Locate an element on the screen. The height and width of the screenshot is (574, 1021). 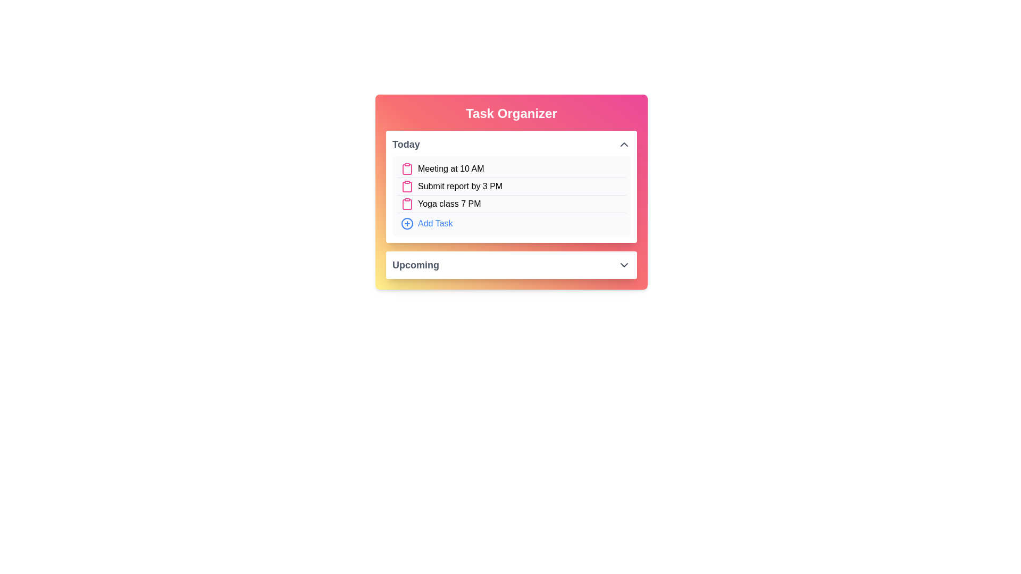
the non-interactive icon representing the task type for 'Meeting at 10 AM', located to the left of the task text is located at coordinates (407, 168).